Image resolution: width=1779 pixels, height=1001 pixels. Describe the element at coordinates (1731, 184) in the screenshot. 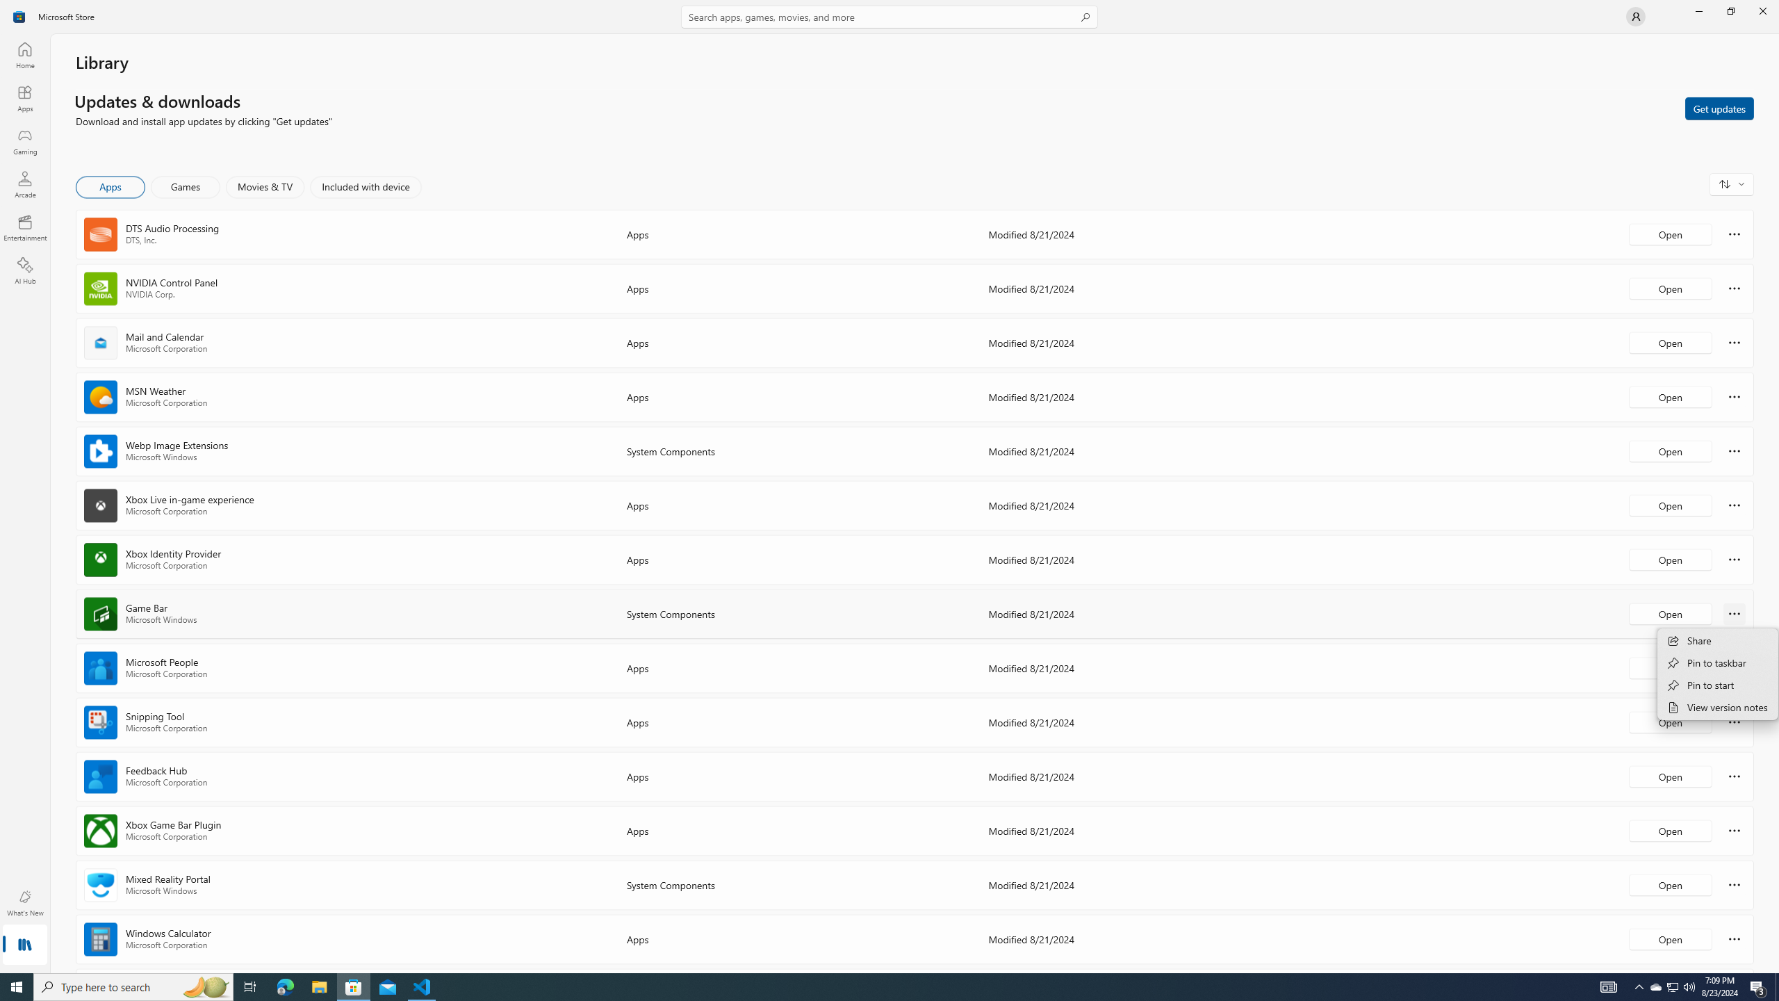

I see `'Sort and filter'` at that location.